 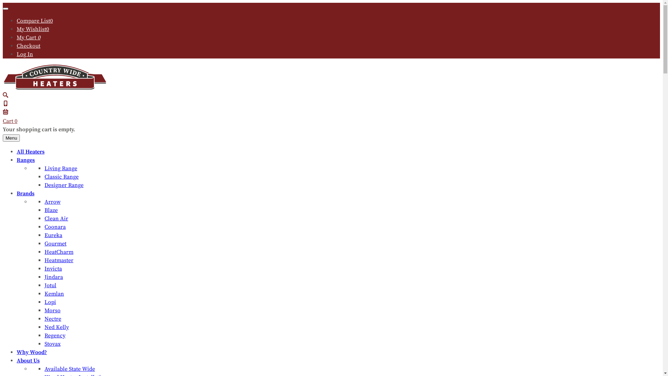 What do you see at coordinates (59, 252) in the screenshot?
I see `'HeatCharm'` at bounding box center [59, 252].